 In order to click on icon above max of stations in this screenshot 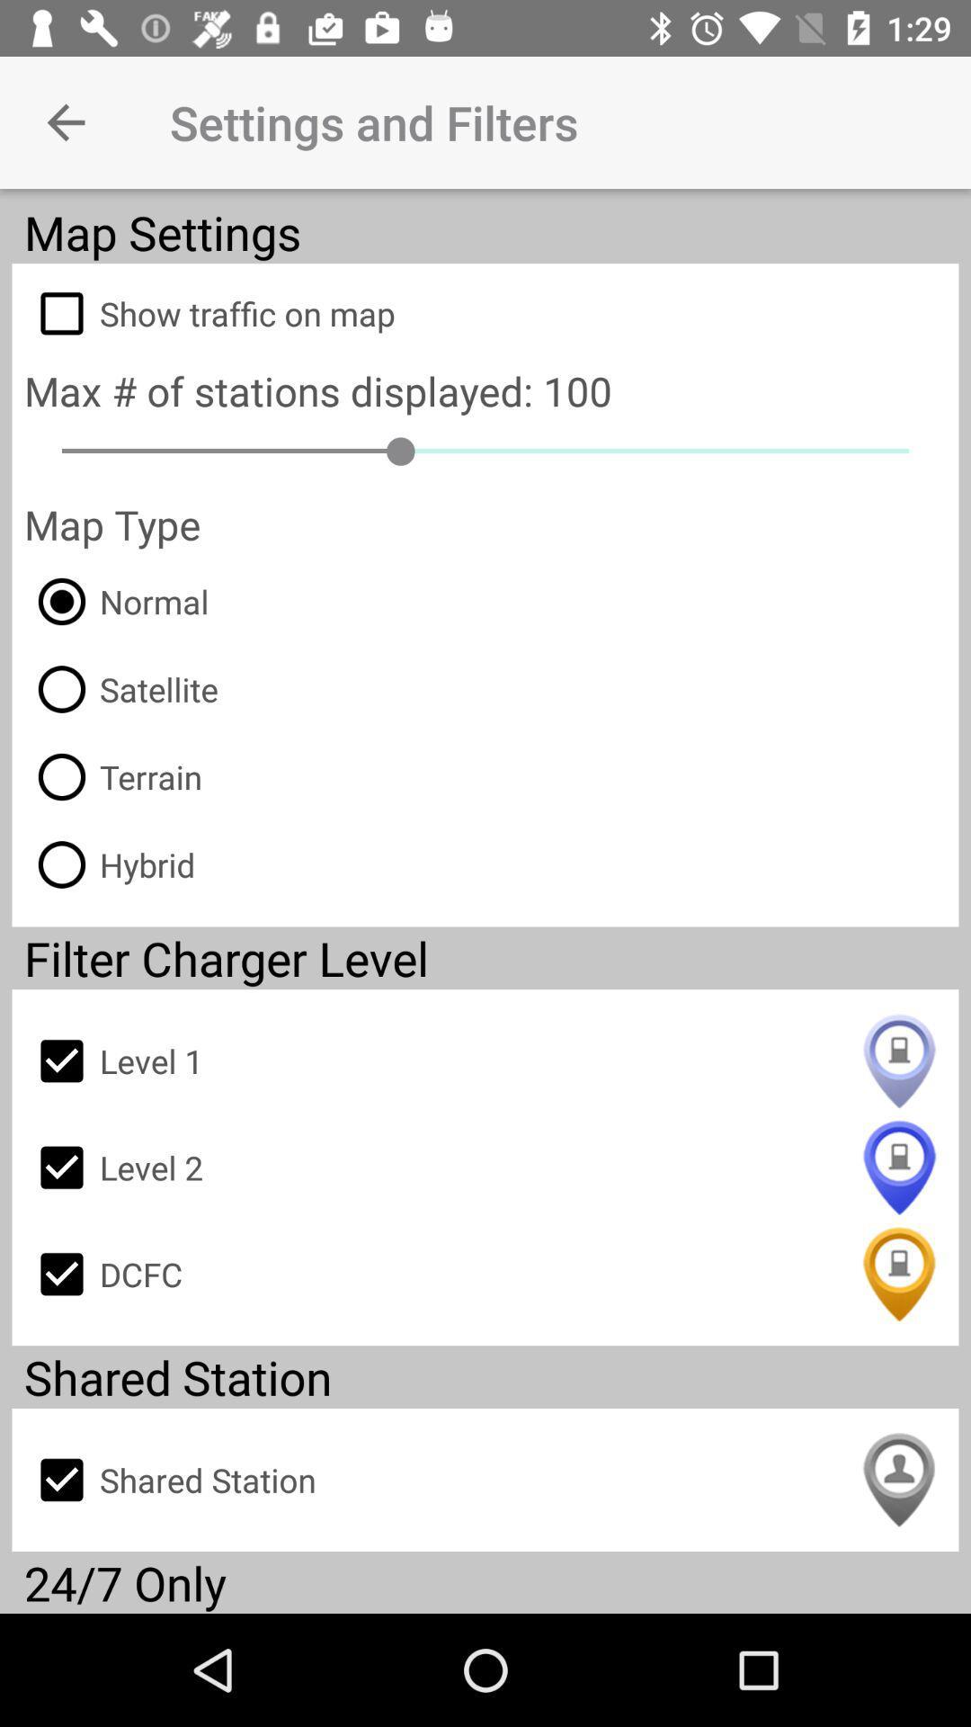, I will do `click(485, 313)`.